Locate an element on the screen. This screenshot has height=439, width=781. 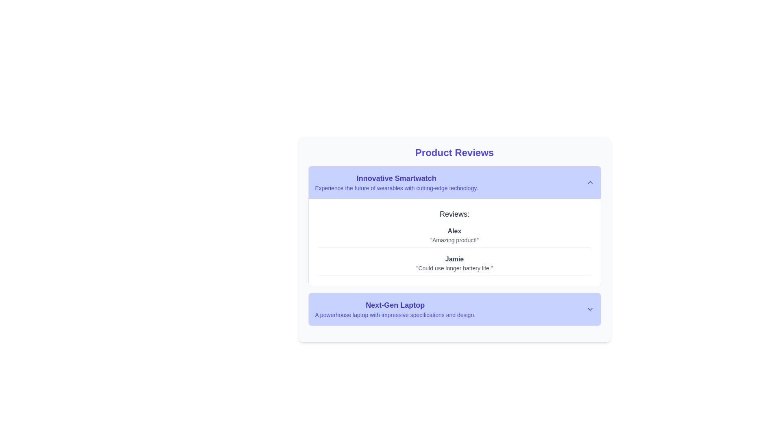
the text block titled 'Next-Gen Laptop' which includes a subtitle below it, located at the bottom section of the interface is located at coordinates (395, 309).